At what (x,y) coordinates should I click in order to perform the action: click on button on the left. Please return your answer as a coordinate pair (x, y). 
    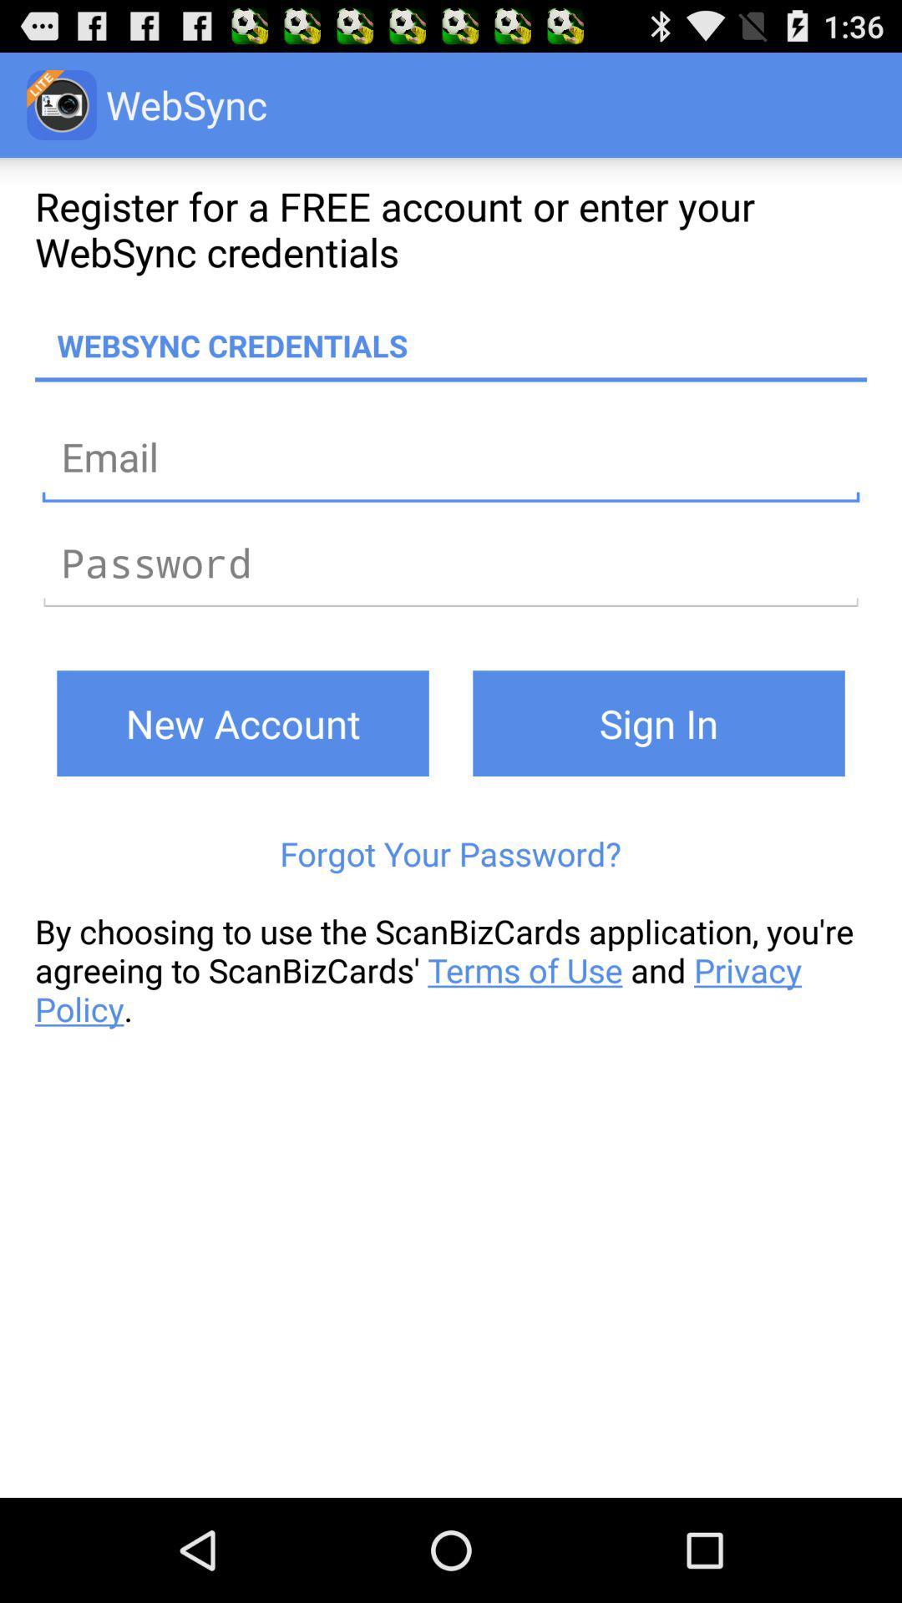
    Looking at the image, I should click on (242, 723).